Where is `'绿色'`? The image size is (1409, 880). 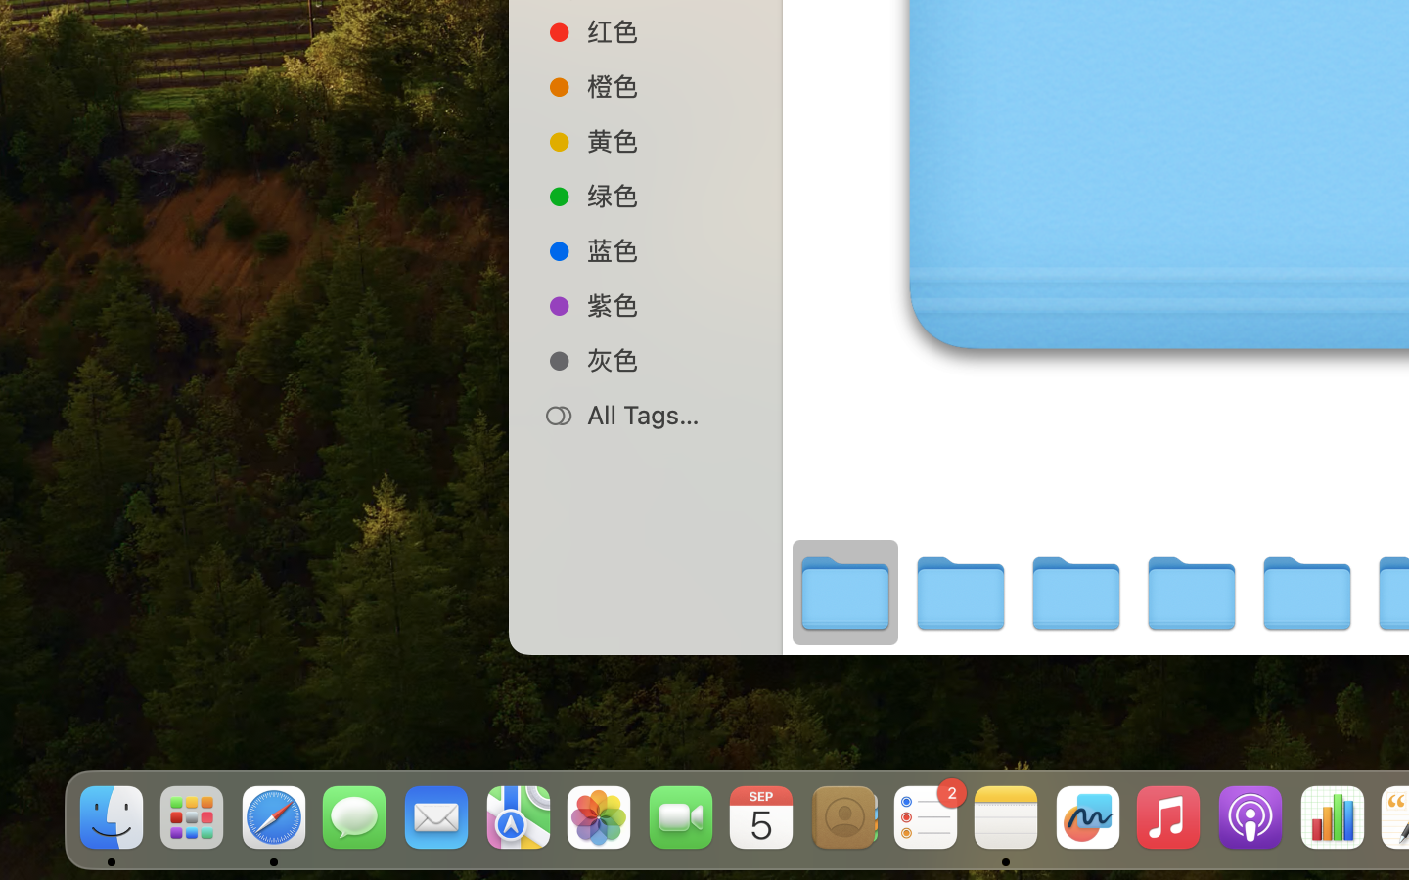
'绿色' is located at coordinates (665, 195).